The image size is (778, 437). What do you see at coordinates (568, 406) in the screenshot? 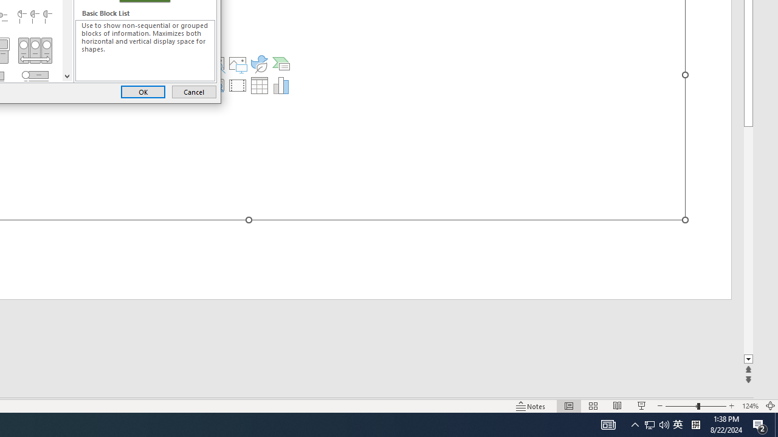
I see `'Normal'` at bounding box center [568, 406].